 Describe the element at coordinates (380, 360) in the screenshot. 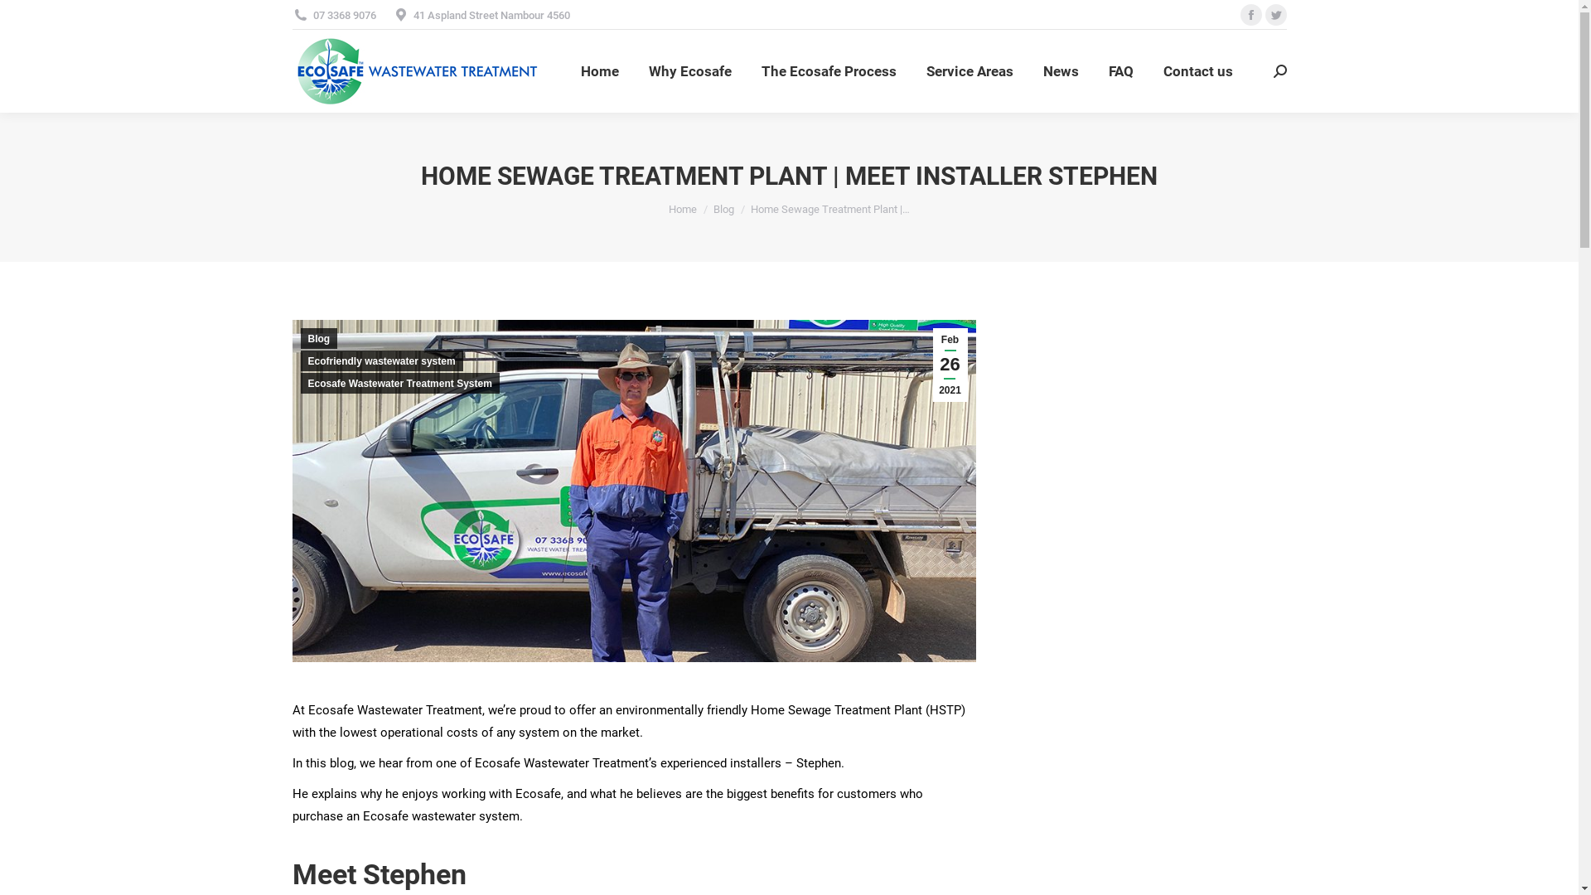

I see `'Ecofriendly wastewater system'` at that location.